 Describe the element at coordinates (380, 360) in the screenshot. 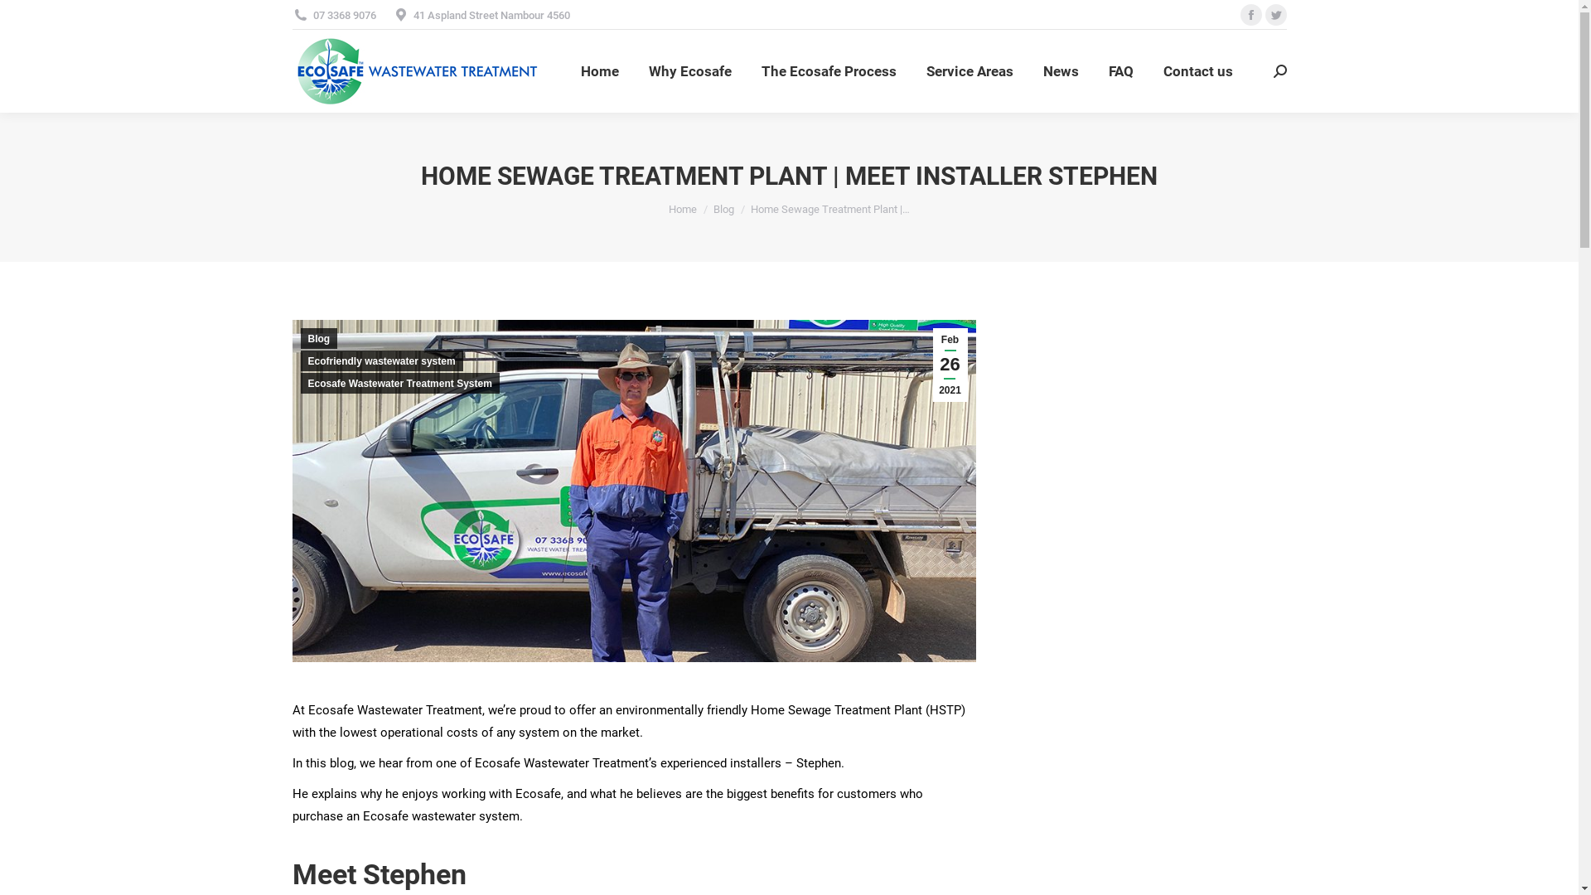

I see `'Ecofriendly wastewater system'` at that location.